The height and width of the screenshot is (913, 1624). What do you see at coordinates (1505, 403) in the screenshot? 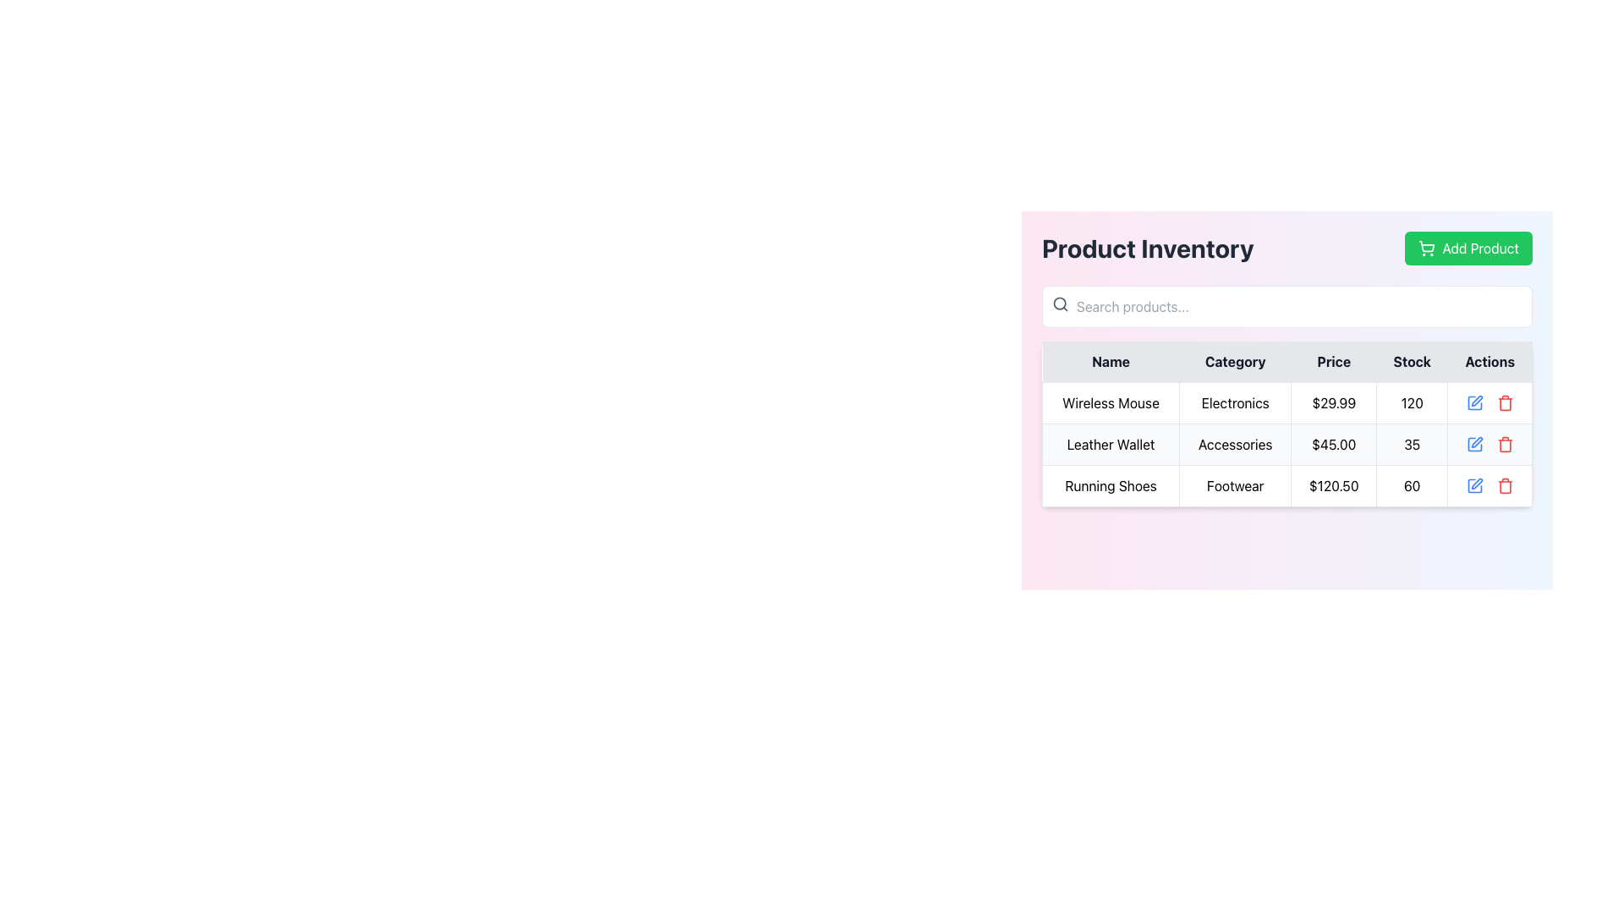
I see `the delete button in the 'Actions' column` at bounding box center [1505, 403].